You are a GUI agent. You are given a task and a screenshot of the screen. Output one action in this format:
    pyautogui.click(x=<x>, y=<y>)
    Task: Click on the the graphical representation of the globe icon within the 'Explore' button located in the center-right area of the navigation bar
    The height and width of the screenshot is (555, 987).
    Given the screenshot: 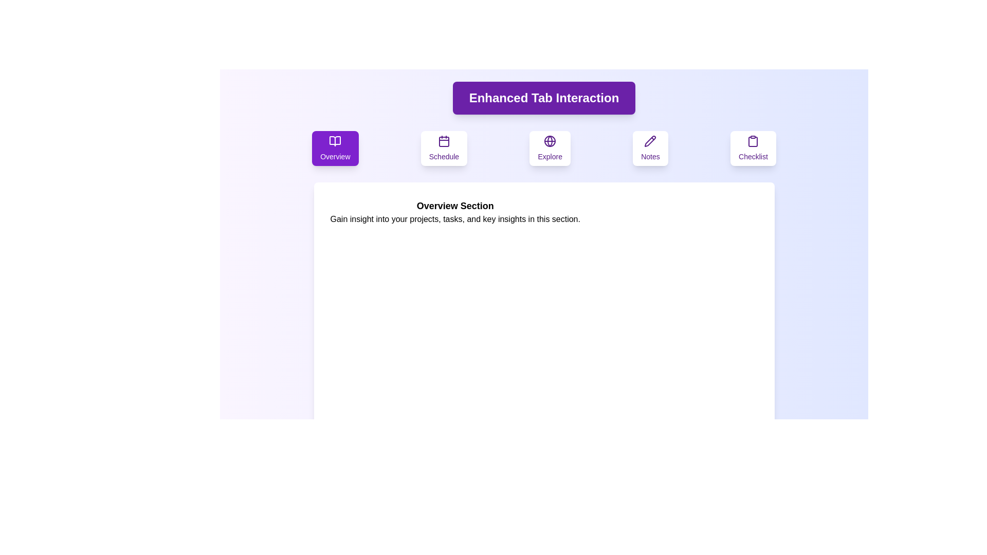 What is the action you would take?
    pyautogui.click(x=550, y=141)
    